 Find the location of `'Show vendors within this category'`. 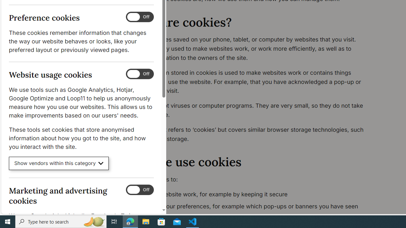

'Show vendors within this category' is located at coordinates (59, 163).